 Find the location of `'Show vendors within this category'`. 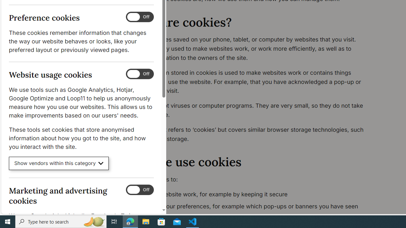

'Show vendors within this category' is located at coordinates (59, 163).